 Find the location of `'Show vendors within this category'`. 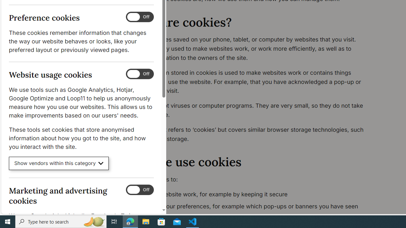

'Show vendors within this category' is located at coordinates (59, 163).